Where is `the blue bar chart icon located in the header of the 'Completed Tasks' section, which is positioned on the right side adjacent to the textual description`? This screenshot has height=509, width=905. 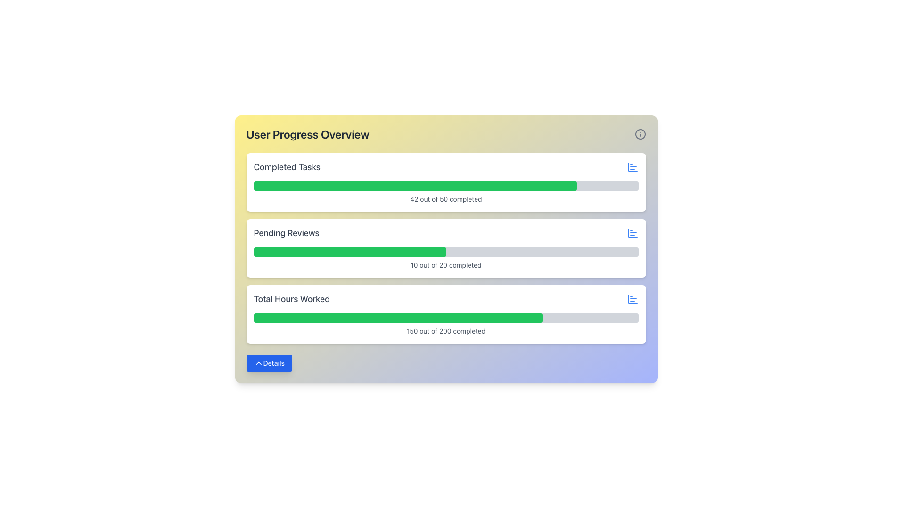
the blue bar chart icon located in the header of the 'Completed Tasks' section, which is positioned on the right side adjacent to the textual description is located at coordinates (633, 166).